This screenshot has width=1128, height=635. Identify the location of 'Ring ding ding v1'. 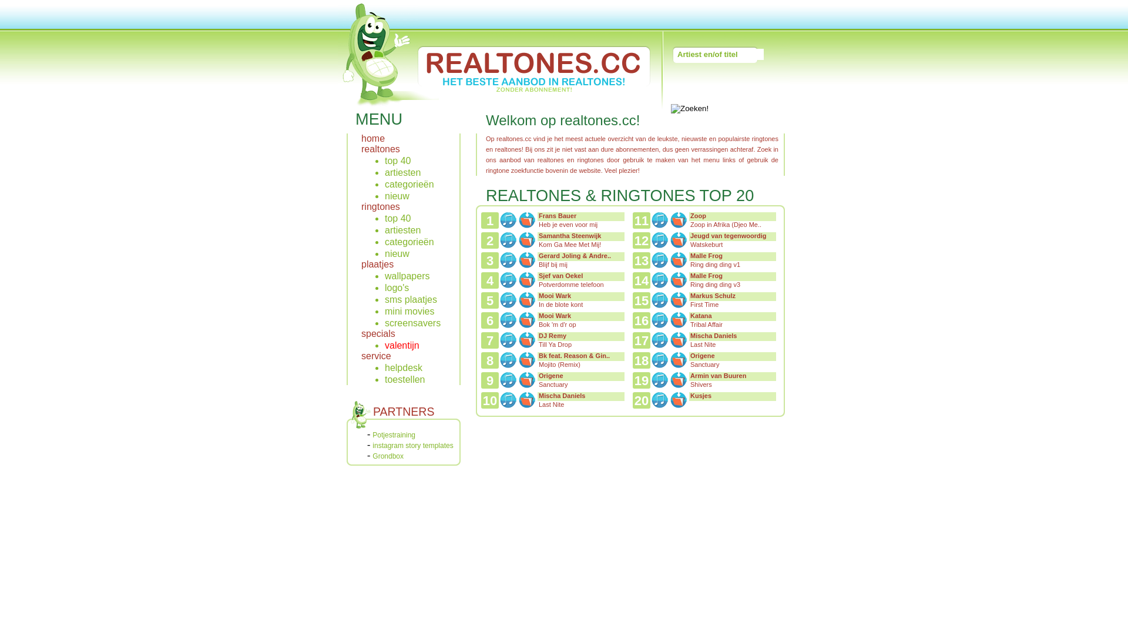
(714, 265).